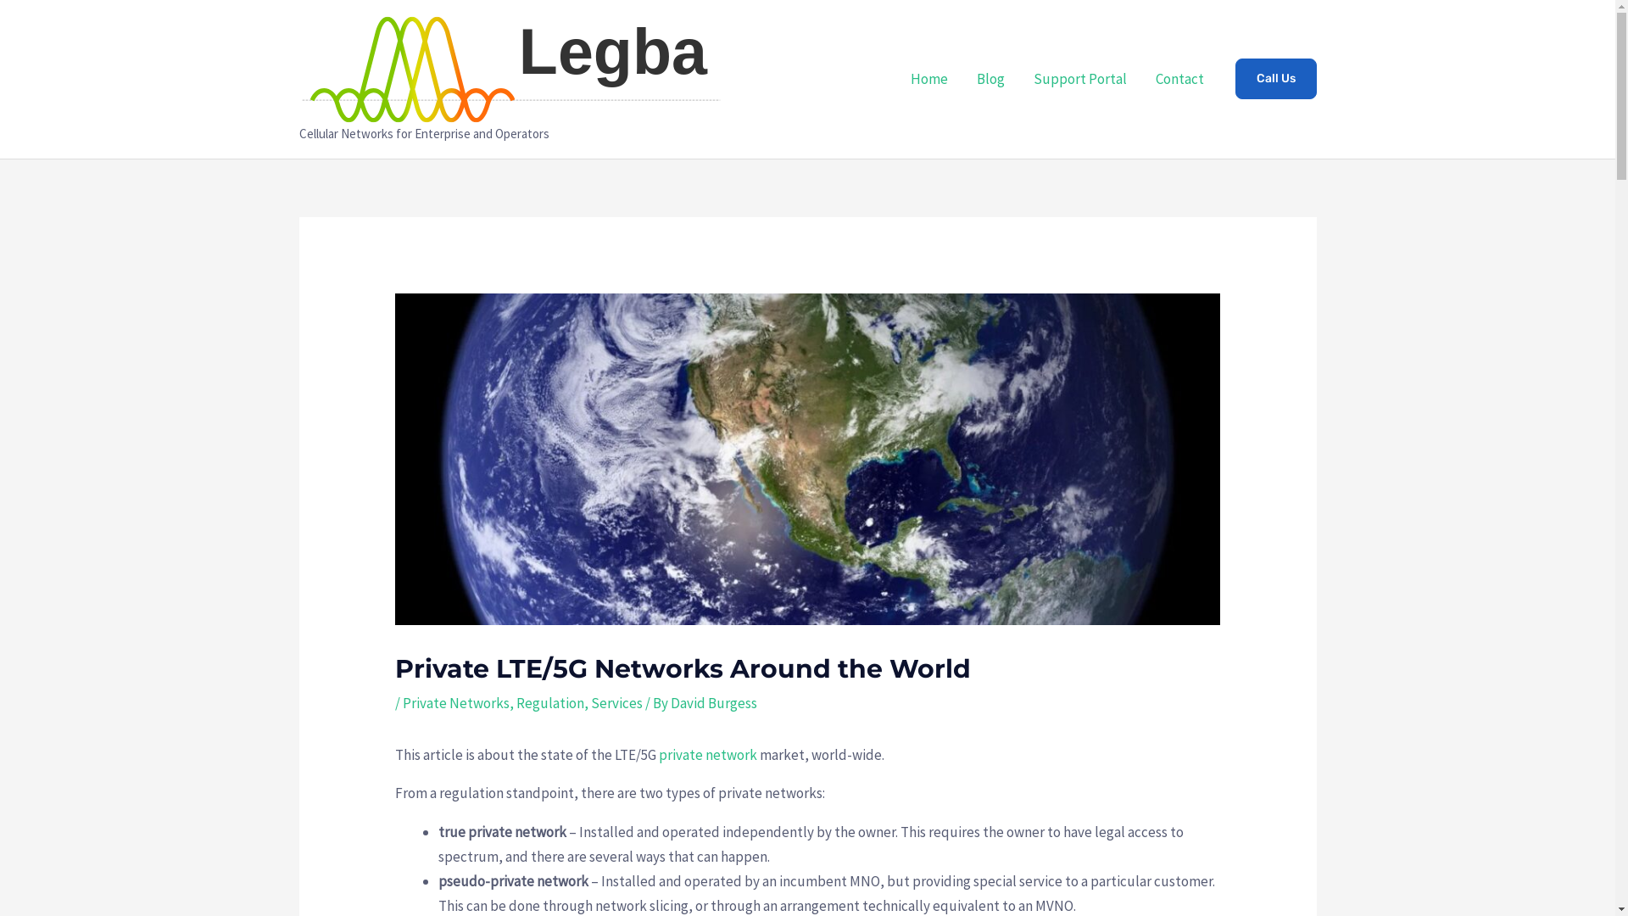  Describe the element at coordinates (1234, 78) in the screenshot. I see `'Call Us'` at that location.